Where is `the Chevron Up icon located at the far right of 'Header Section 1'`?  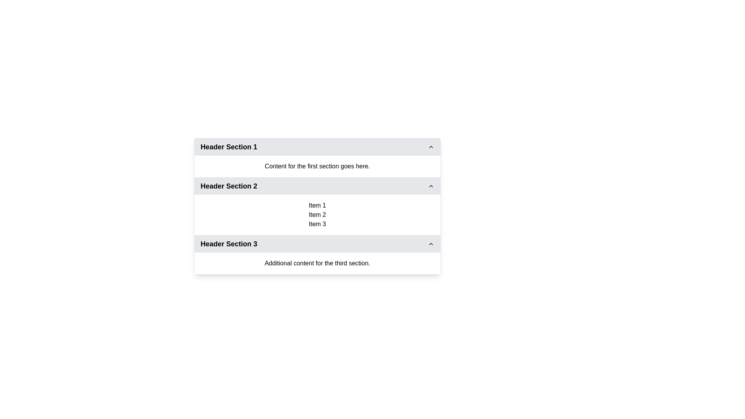
the Chevron Up icon located at the far right of 'Header Section 1' is located at coordinates (430, 147).